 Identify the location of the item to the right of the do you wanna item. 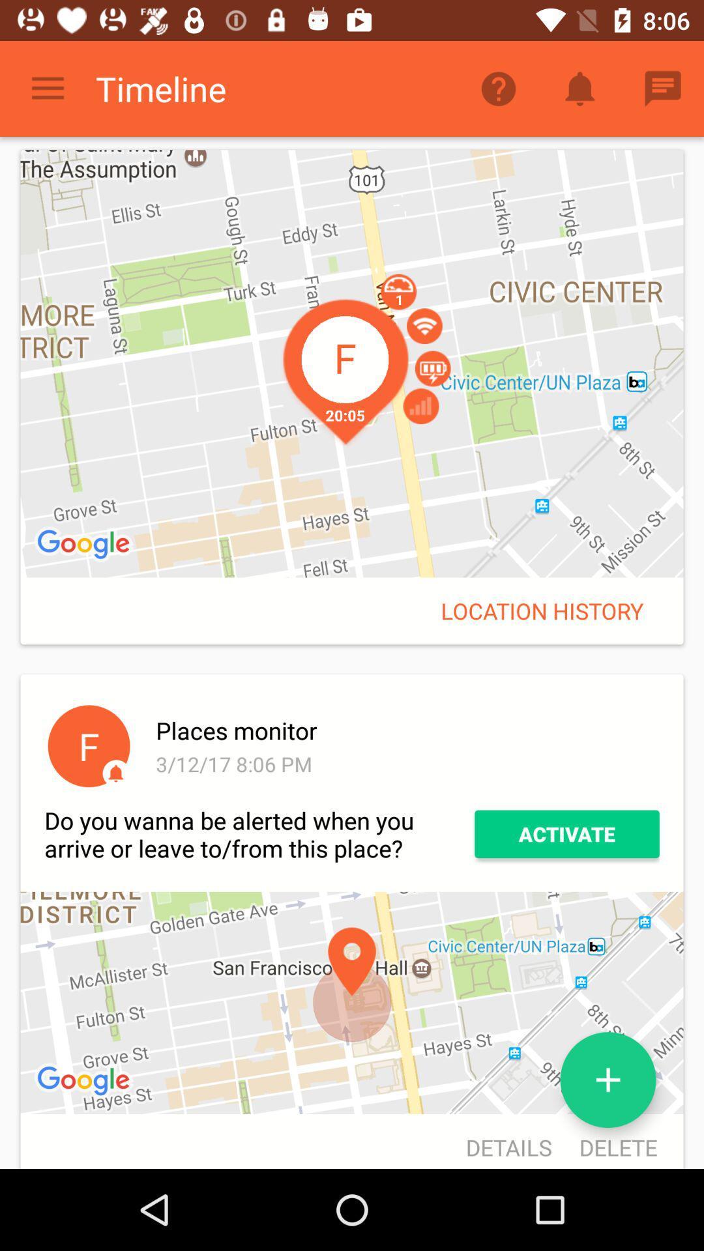
(566, 834).